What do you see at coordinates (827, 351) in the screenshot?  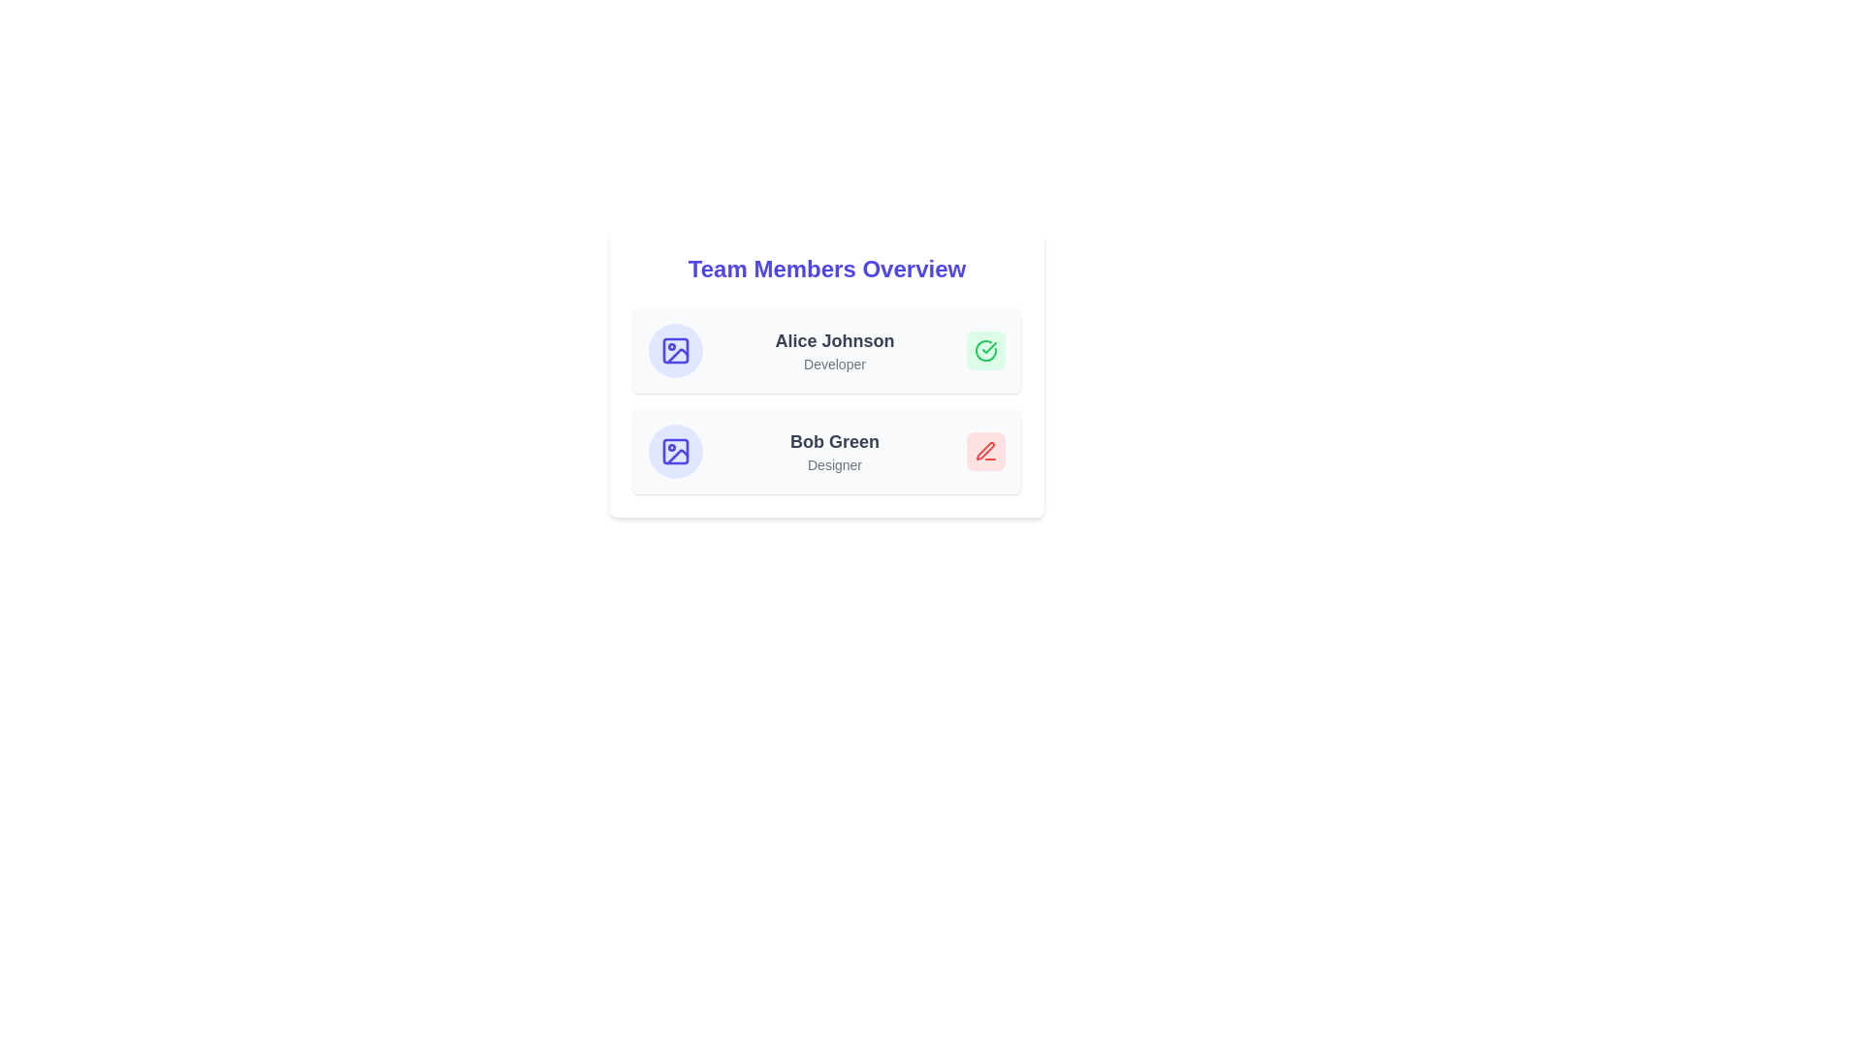 I see `the entry of the team member Alice Johnson to view their details` at bounding box center [827, 351].